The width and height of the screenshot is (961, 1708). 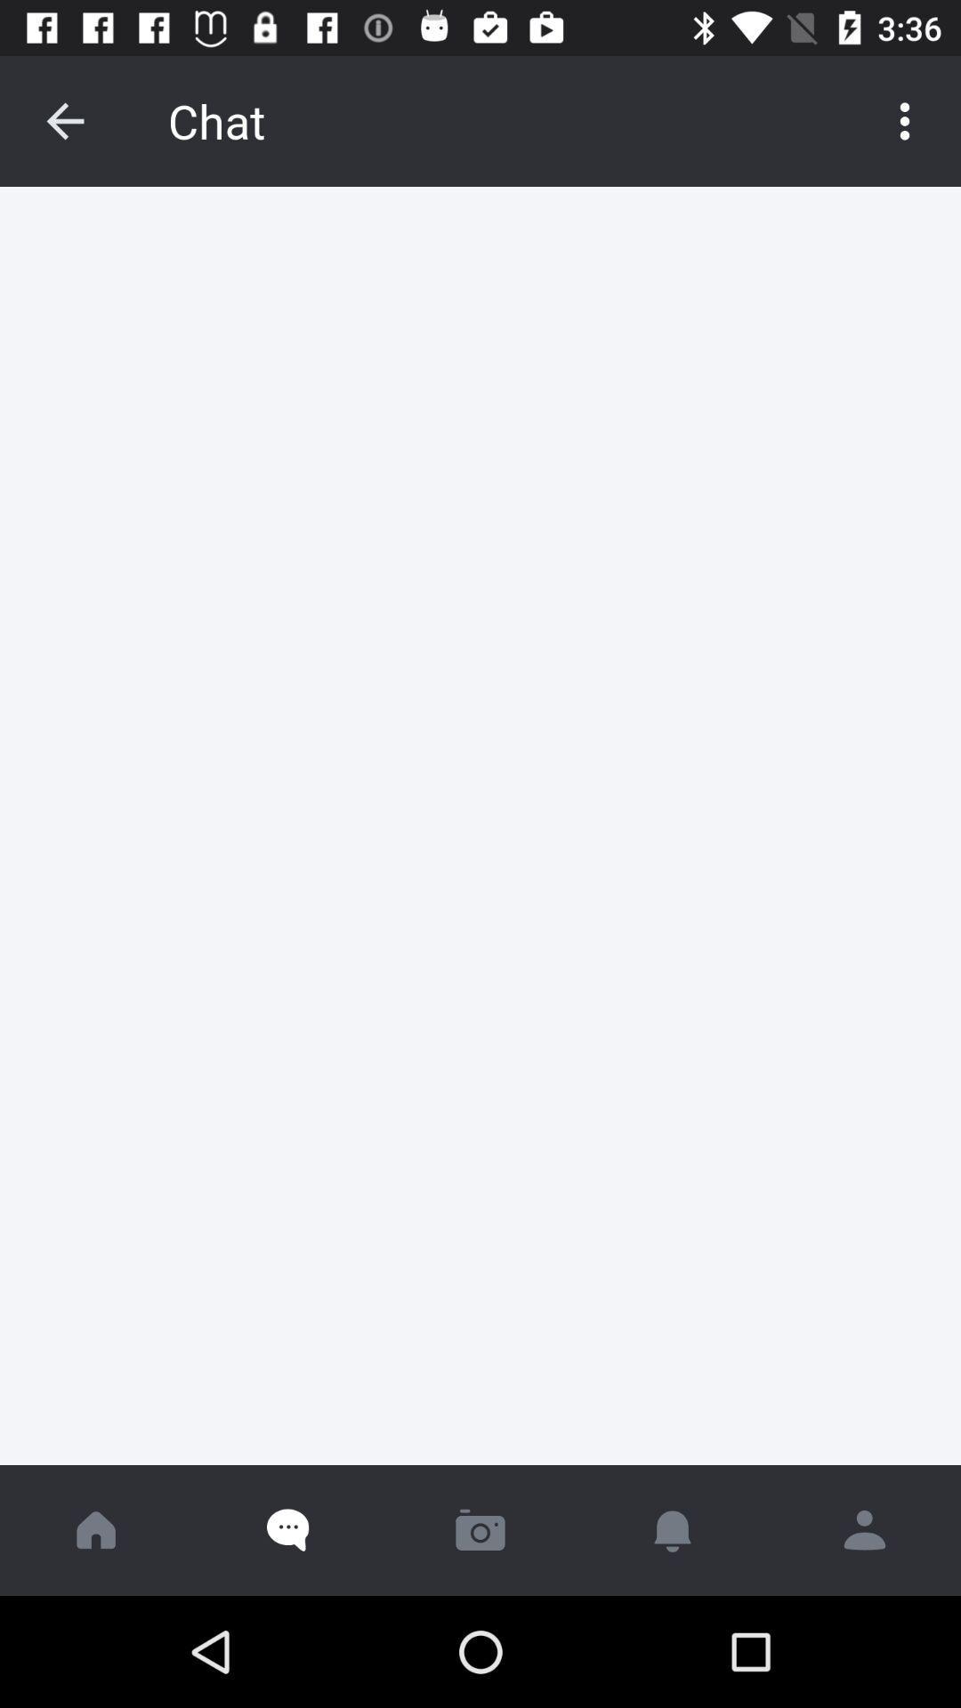 What do you see at coordinates (905, 120) in the screenshot?
I see `the icon to the right of the chat item` at bounding box center [905, 120].